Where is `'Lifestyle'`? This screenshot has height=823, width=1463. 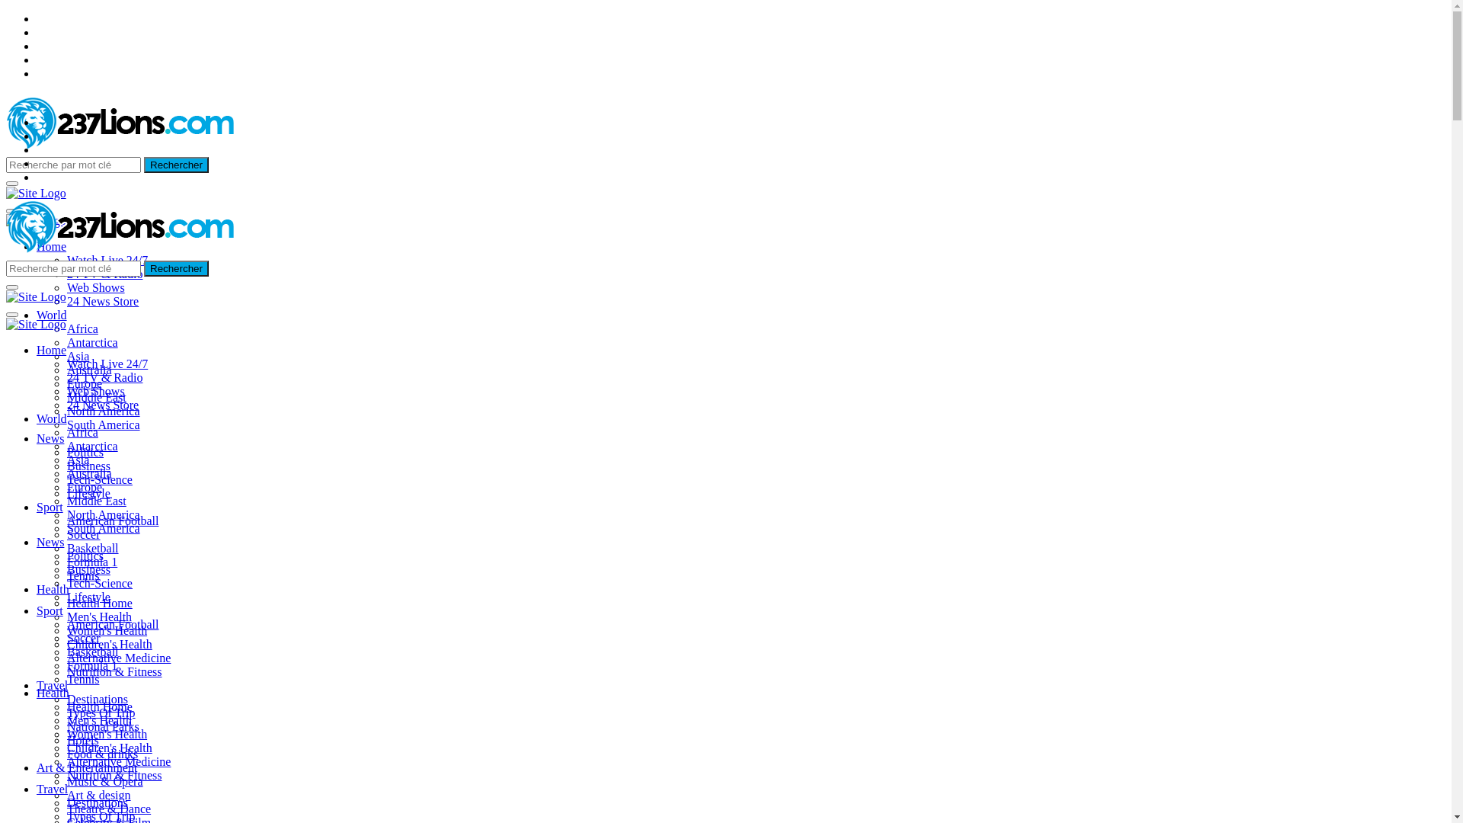
'Lifestyle' is located at coordinates (88, 596).